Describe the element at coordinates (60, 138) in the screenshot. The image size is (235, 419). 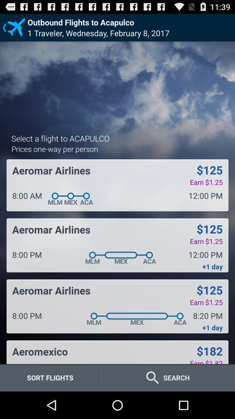
I see `select a flight icon` at that location.